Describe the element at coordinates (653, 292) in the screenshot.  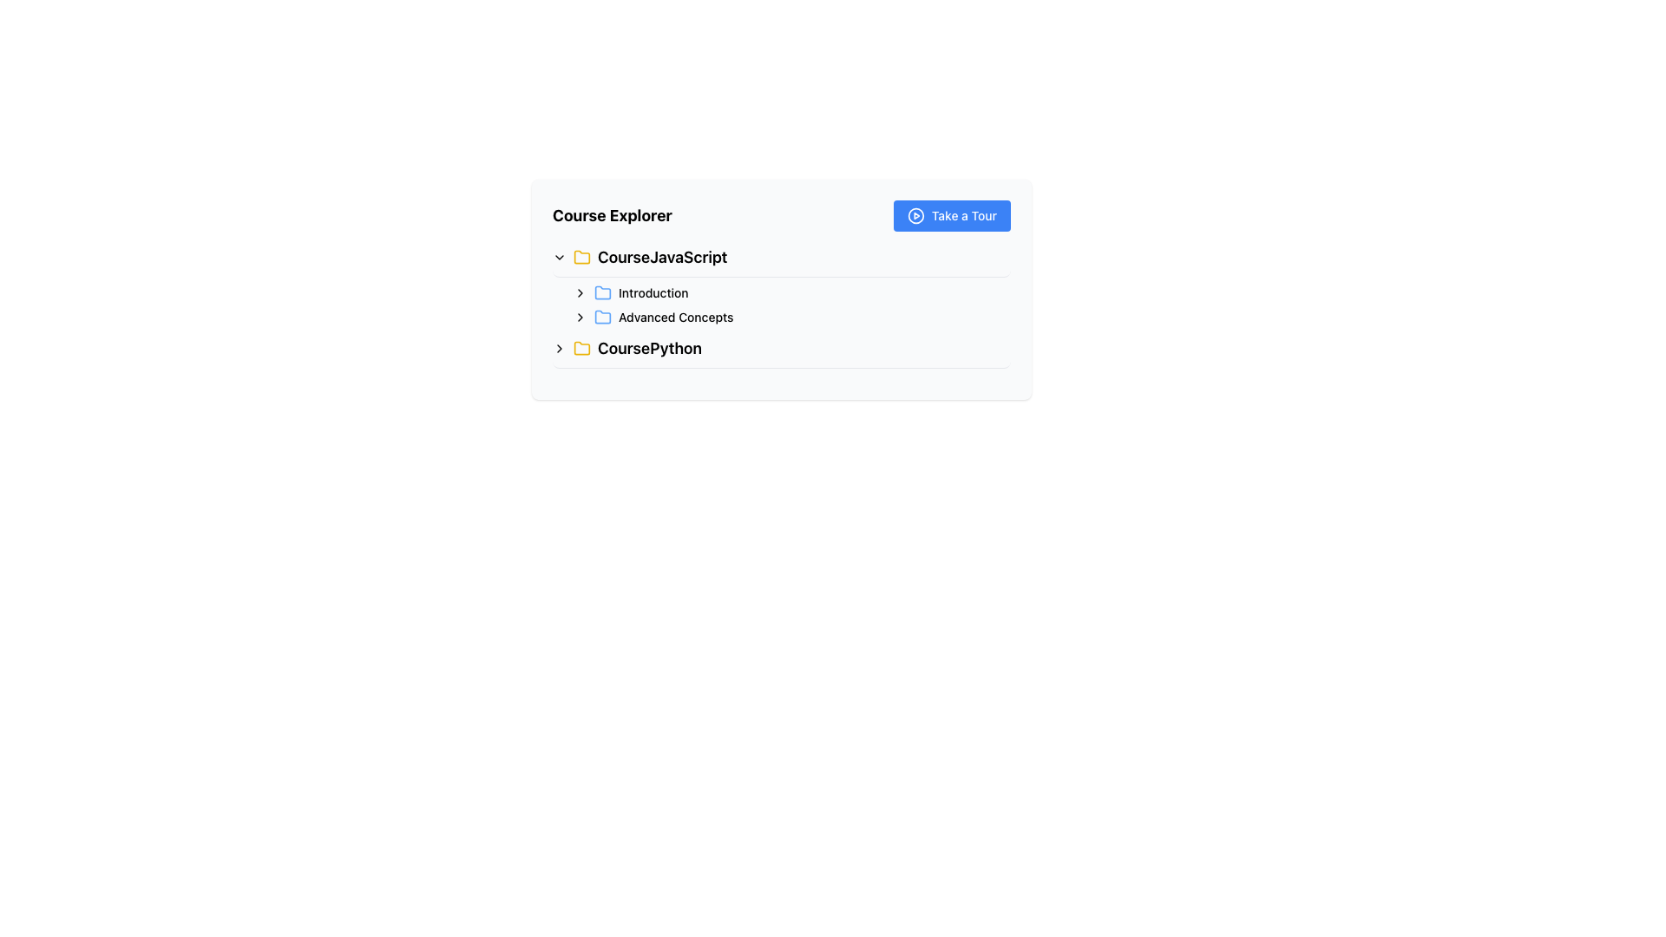
I see `the 'Introduction' text label under the 'CourseJavaScript' category` at that location.